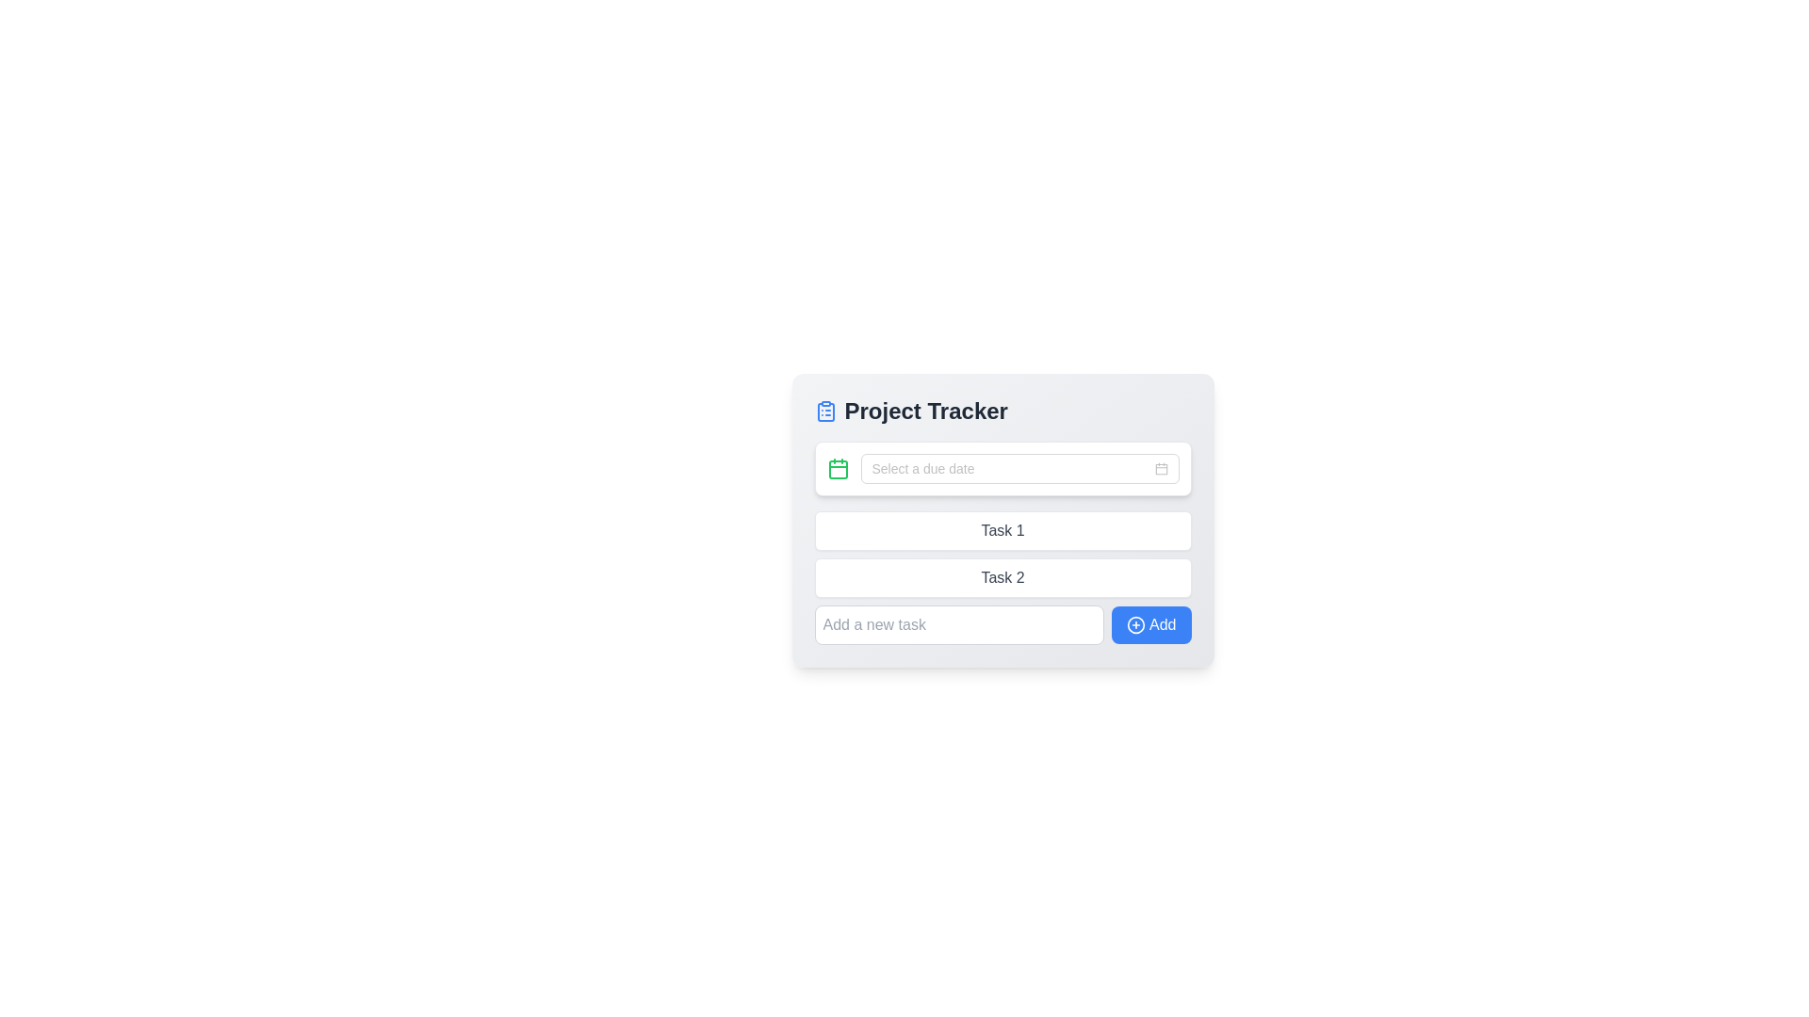 The image size is (1809, 1017). Describe the element at coordinates (1160, 467) in the screenshot. I see `the calendar icon located to the right of the text input field in the date picker widget` at that location.